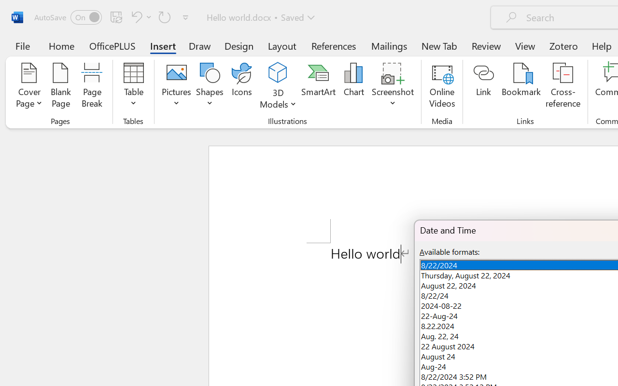 This screenshot has height=386, width=618. What do you see at coordinates (112, 45) in the screenshot?
I see `'OfficePLUS'` at bounding box center [112, 45].